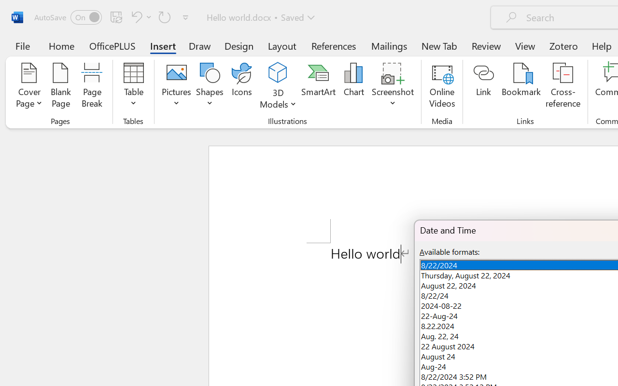 This screenshot has height=386, width=618. What do you see at coordinates (112, 45) in the screenshot?
I see `'OfficePLUS'` at bounding box center [112, 45].